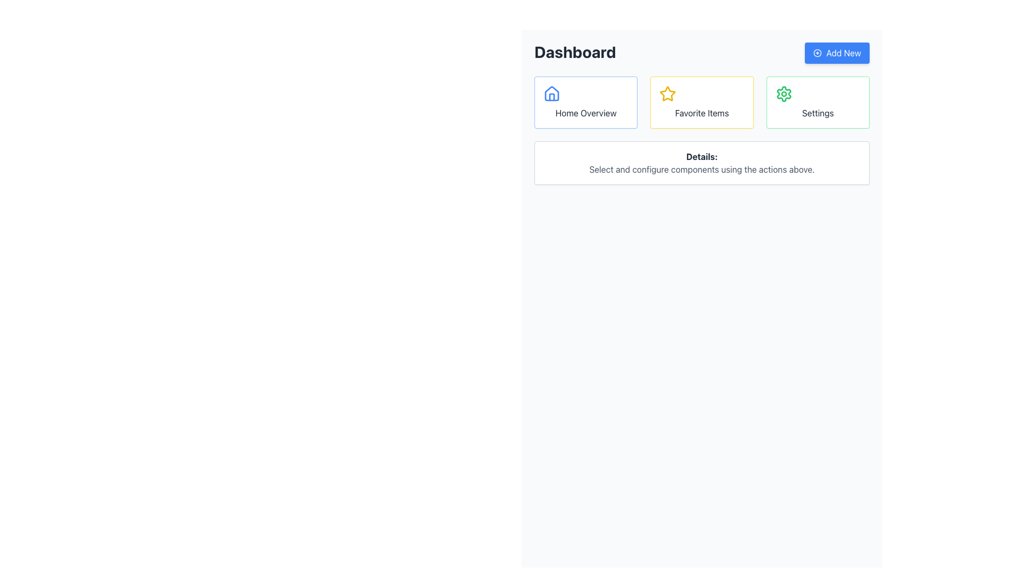  What do you see at coordinates (585, 113) in the screenshot?
I see `the 'Home Overview' text label, which is displayed in gray color within a white rectangular card, located at the bottom of the leftmost card under the 'Dashboard' heading` at bounding box center [585, 113].